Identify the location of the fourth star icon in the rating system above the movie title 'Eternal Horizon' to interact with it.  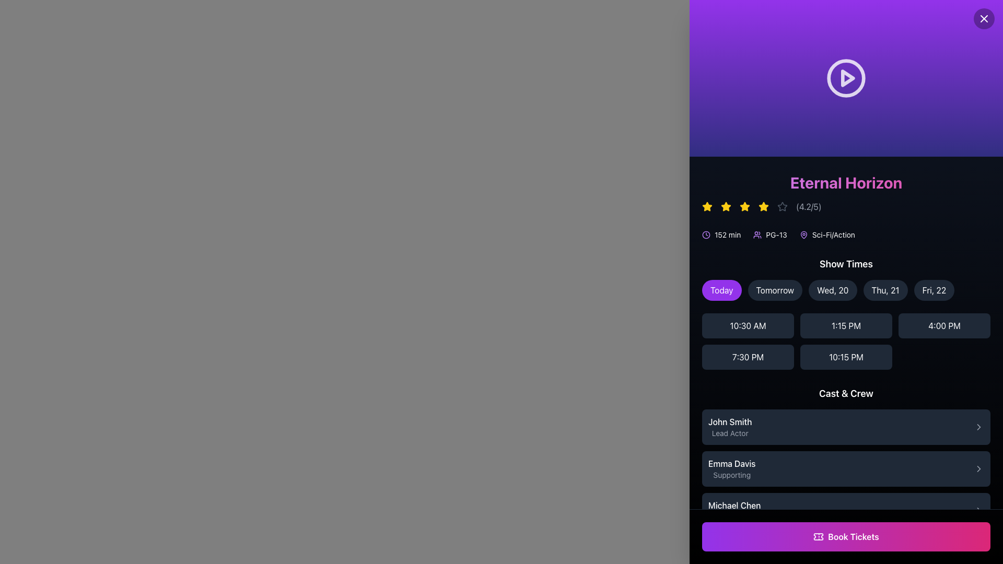
(764, 206).